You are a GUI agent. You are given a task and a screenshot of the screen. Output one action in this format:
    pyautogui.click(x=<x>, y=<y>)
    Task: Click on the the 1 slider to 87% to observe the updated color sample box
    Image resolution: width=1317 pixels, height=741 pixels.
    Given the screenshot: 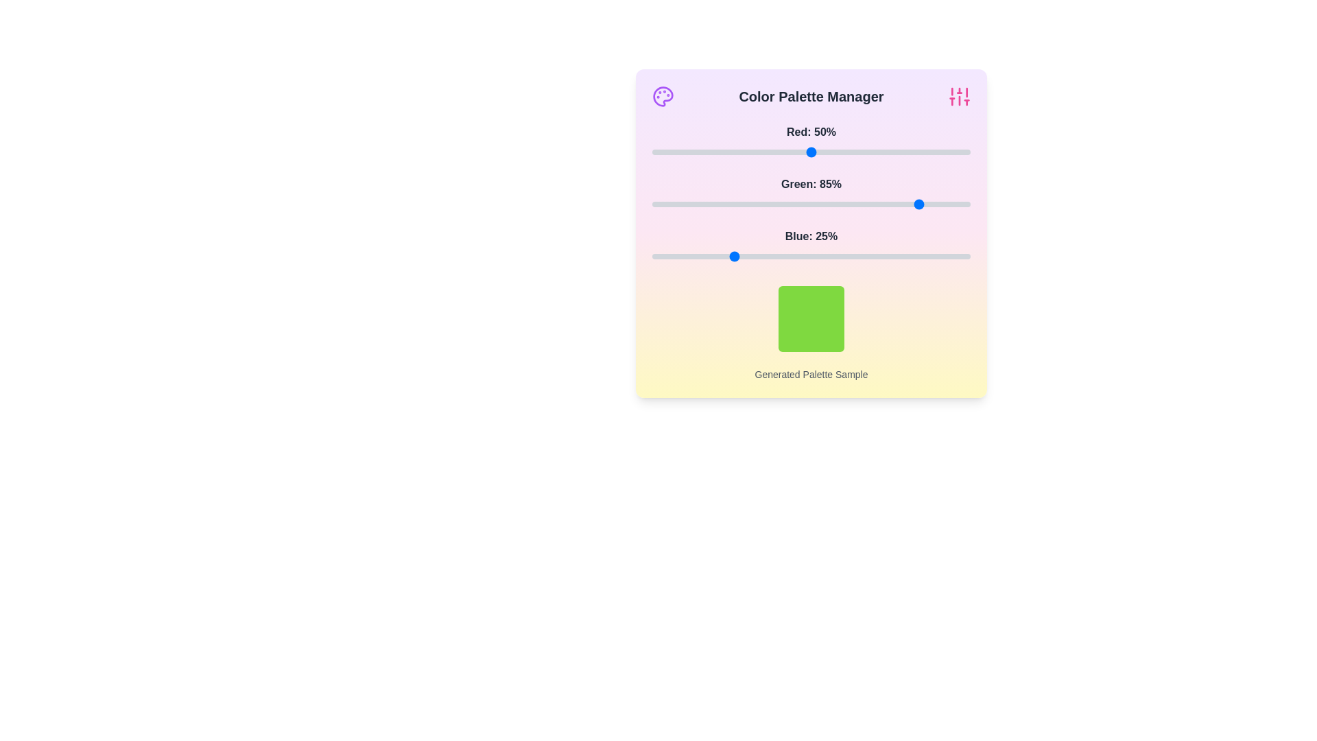 What is the action you would take?
    pyautogui.click(x=929, y=204)
    